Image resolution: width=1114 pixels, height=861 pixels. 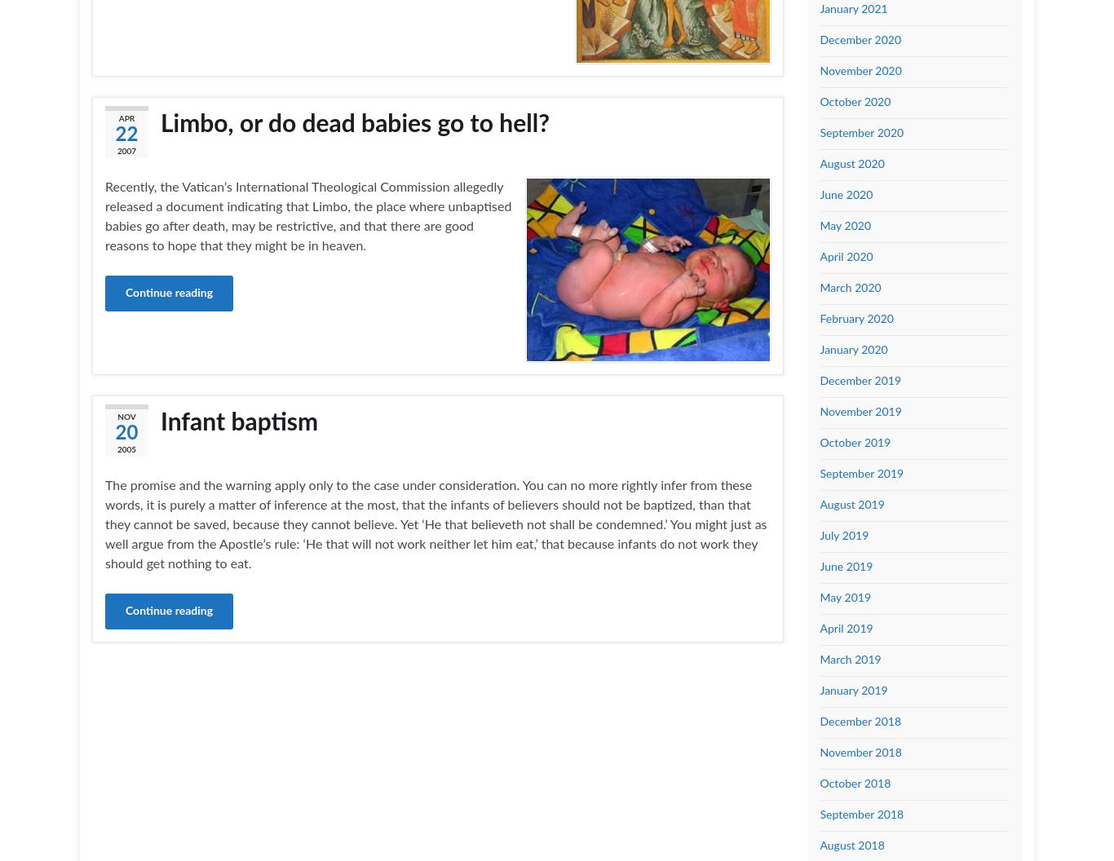 What do you see at coordinates (819, 691) in the screenshot?
I see `'January 2019'` at bounding box center [819, 691].